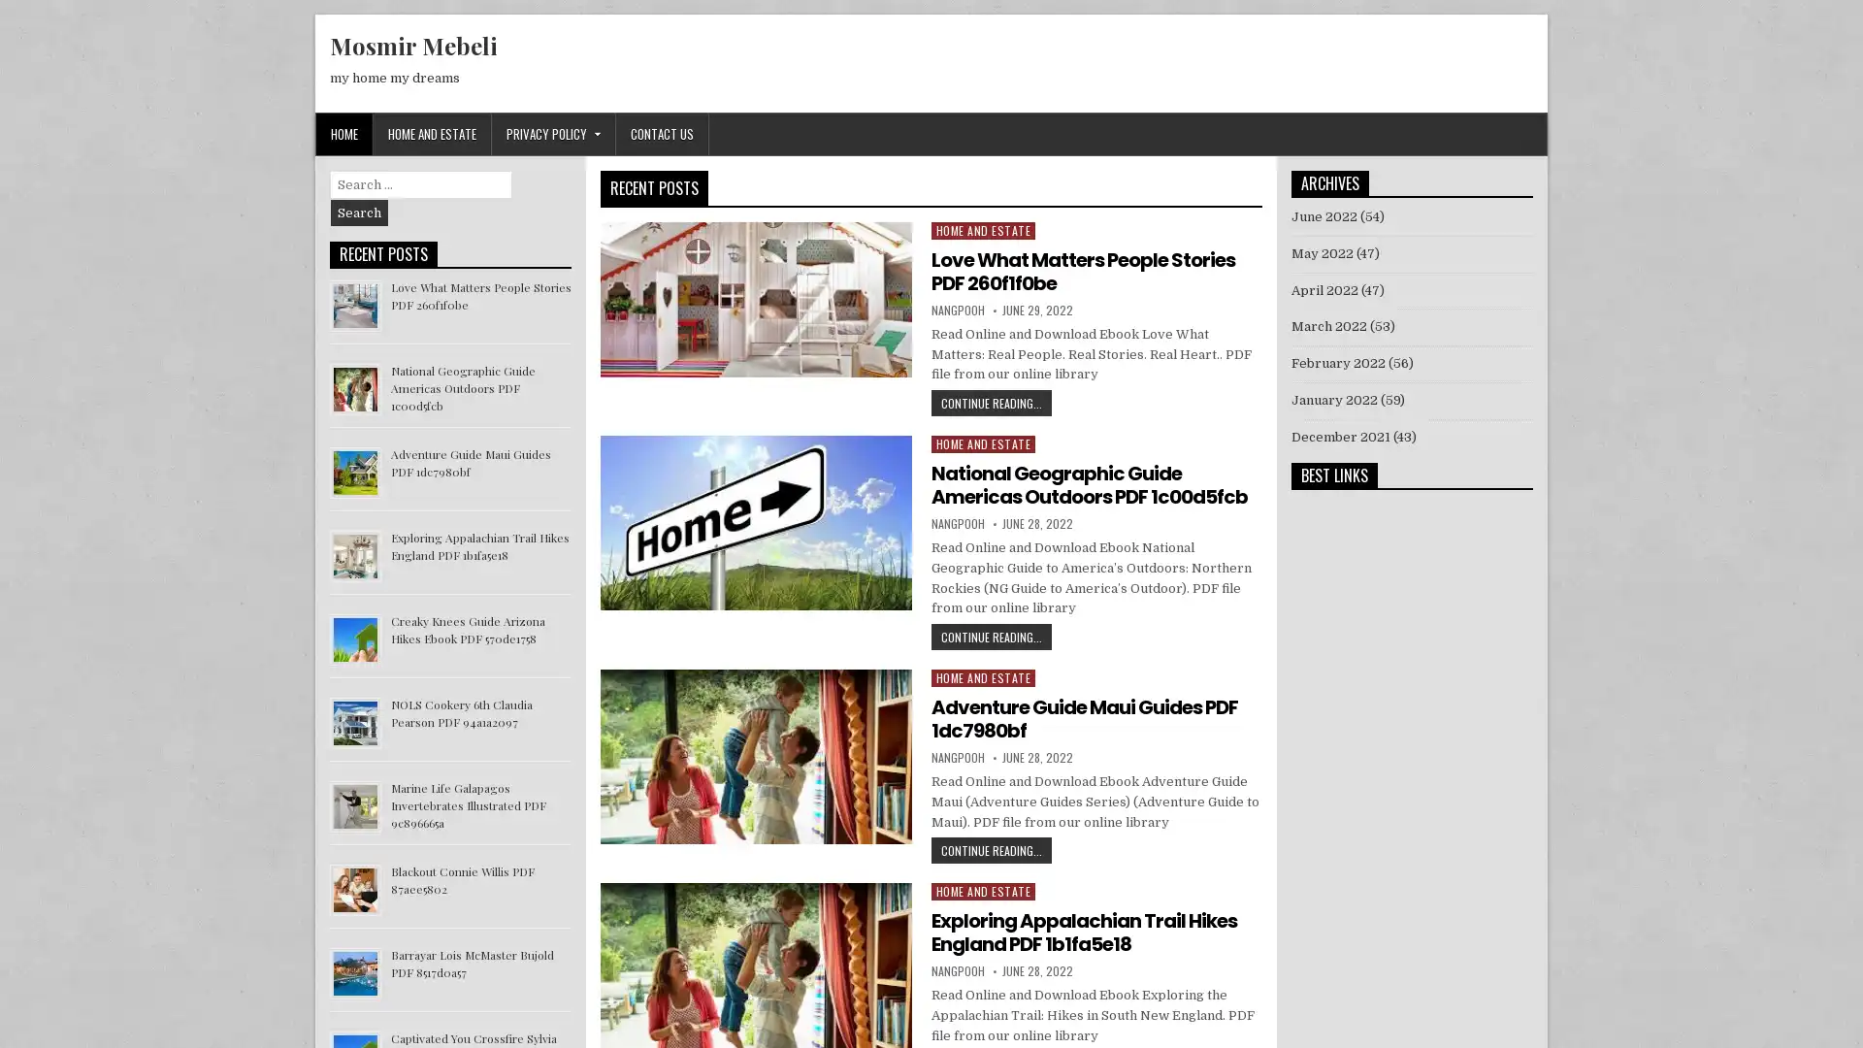 This screenshot has height=1048, width=1863. What do you see at coordinates (359, 213) in the screenshot?
I see `Search` at bounding box center [359, 213].